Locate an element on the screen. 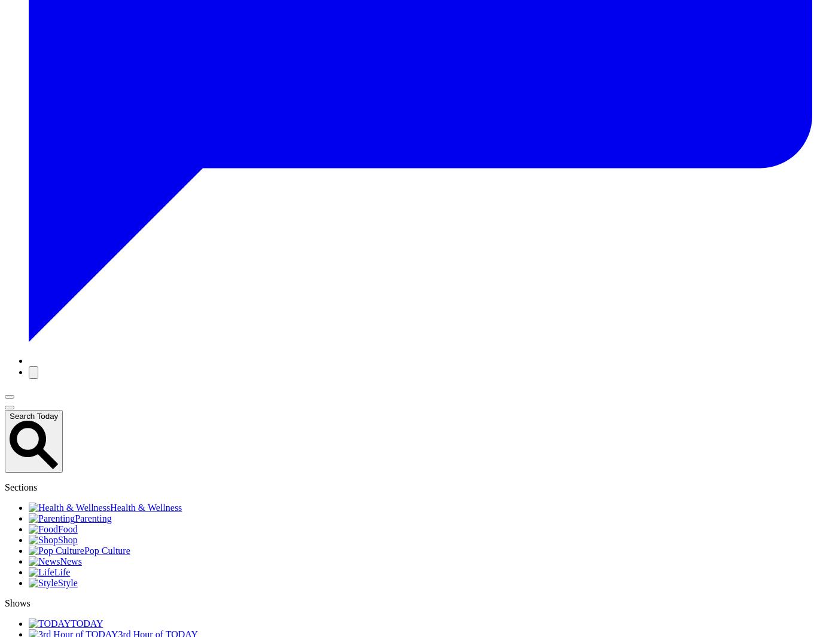 This screenshot has width=817, height=637. 'Shop' is located at coordinates (67, 540).